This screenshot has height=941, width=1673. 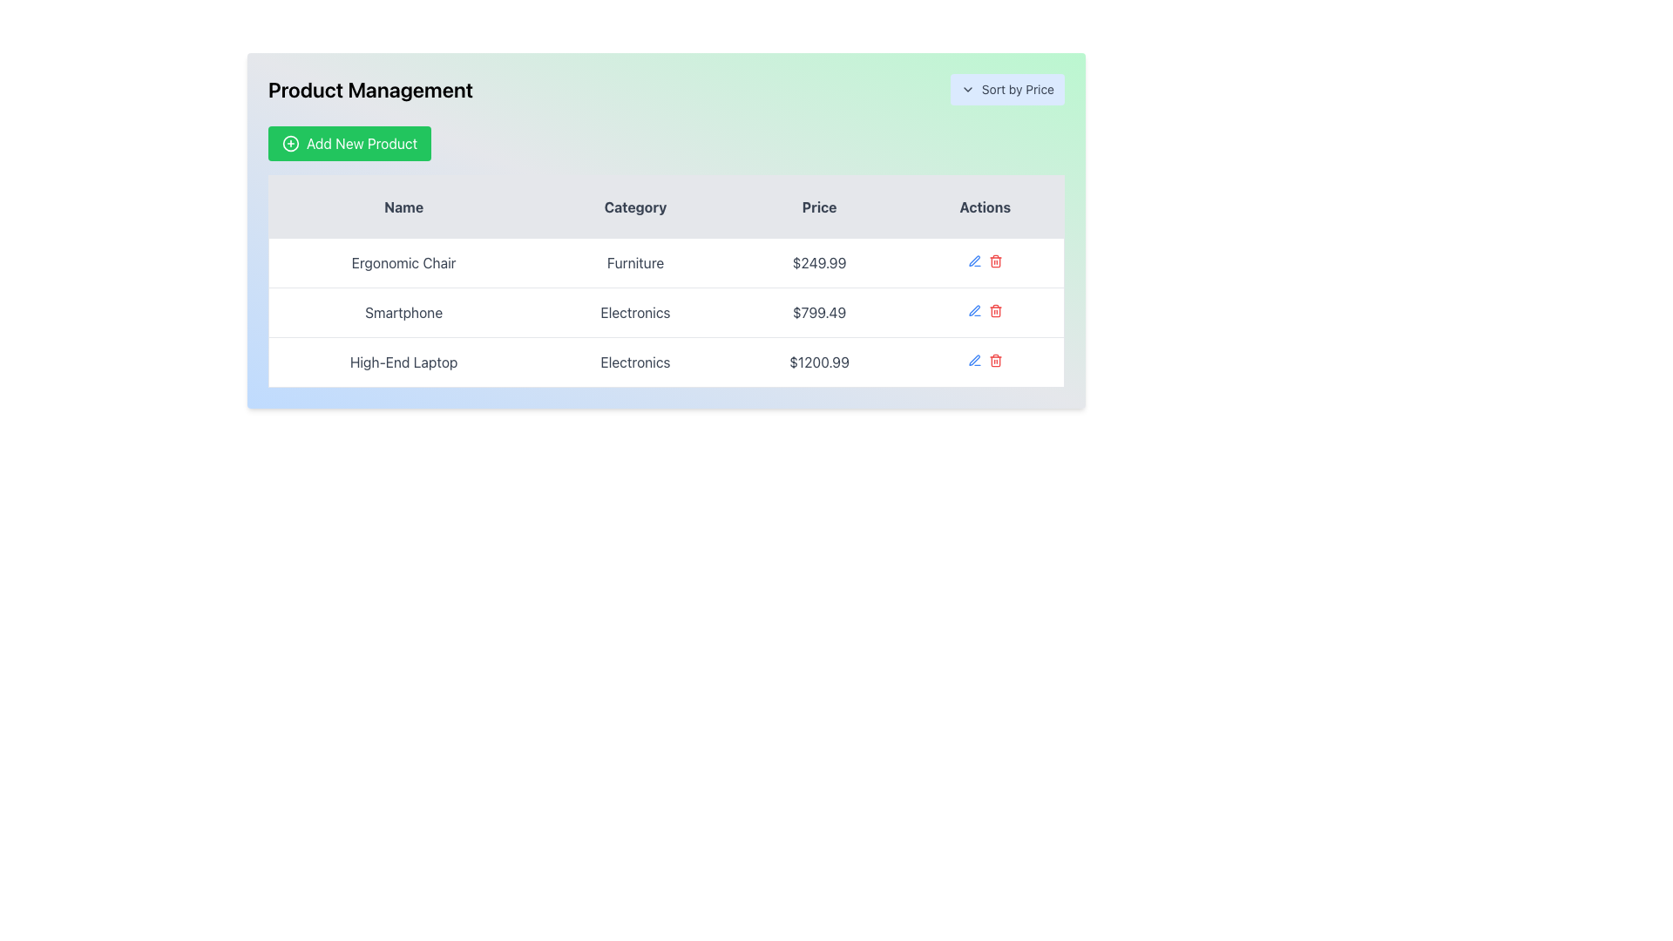 I want to click on text of the heading labeled 'Product Management', which is bold and prominently displayed in black on a light gradient background, so click(x=369, y=90).